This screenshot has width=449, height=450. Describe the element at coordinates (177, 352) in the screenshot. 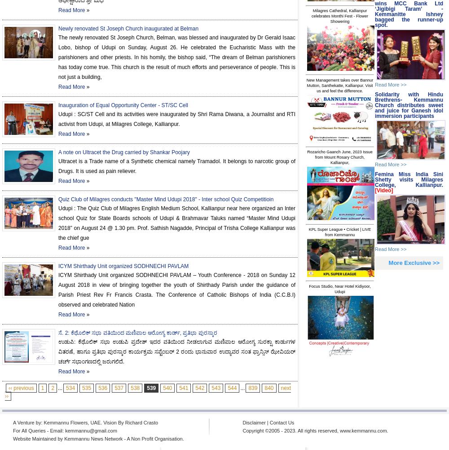

I see `'ಉಡುಪಿ: ಕೆಥೊಲಿಕ್ ಸಭಾ ಉಡುಪಿ ಪ್ರದೇಶ್ ಇದರ ವತಿಯಿಂದ ನೀಡಲಾಗುವ ಮಣಿಪಾಲ ಆರೋಗ್ಯ ಸುರಕ್ಷಾ ಕಾರ್ಡುಗಳ ವಿತರಣೆ, ಹಾಗೂ ಪ್ರತಿಭಾ ಪುರಸ್ಕಾರ ಕಾರ್ಯಕ್ರಮ ಸಪ್ಟೆಂಬರ್ 2 ರಂದು ಭಾನುವಾರ ಉದ್ಯಾವರ ಸಂತ ಫ್ರಾನ್ಸಿಸ್ ಝೇವಿಯರ್ ಚರ್ಚ್ ಸಭಾಂಗಣದಲ್ಲಿ ಜರುಗಲಿದೆ.'` at that location.